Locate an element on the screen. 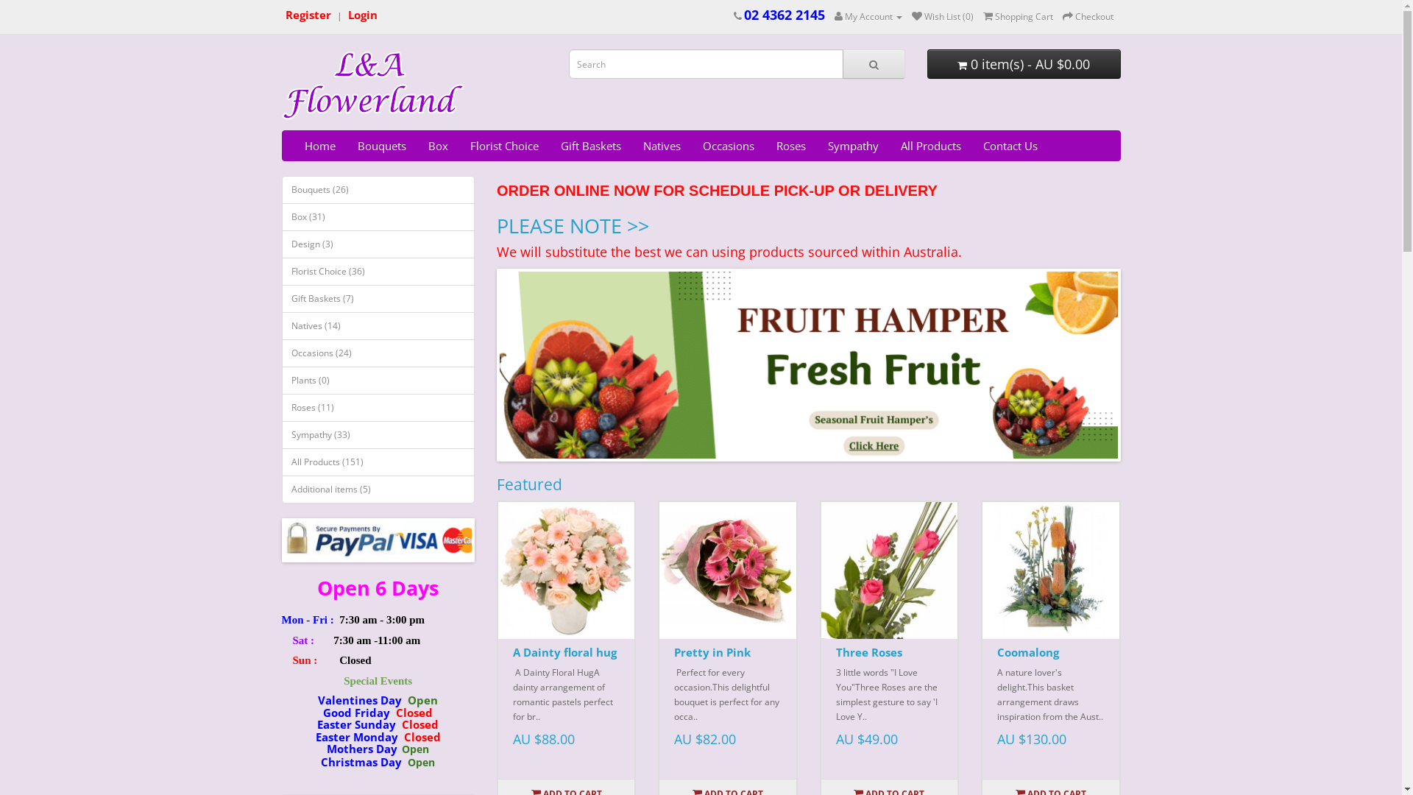 The image size is (1413, 795). 'Pretty in Pink' is located at coordinates (727, 569).